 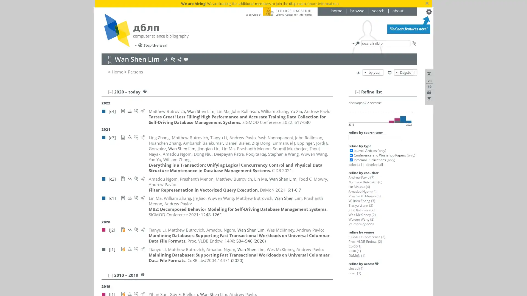 What do you see at coordinates (381, 150) in the screenshot?
I see `(only)` at bounding box center [381, 150].